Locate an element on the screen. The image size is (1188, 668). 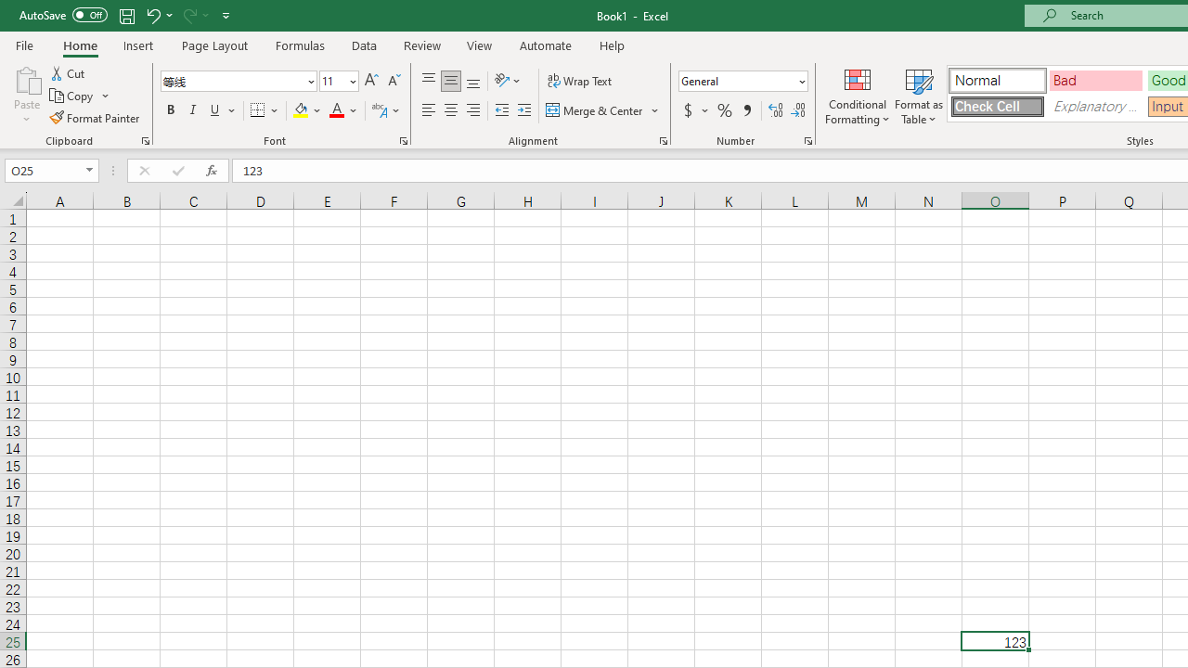
'Office Clipboard...' is located at coordinates (144, 139).